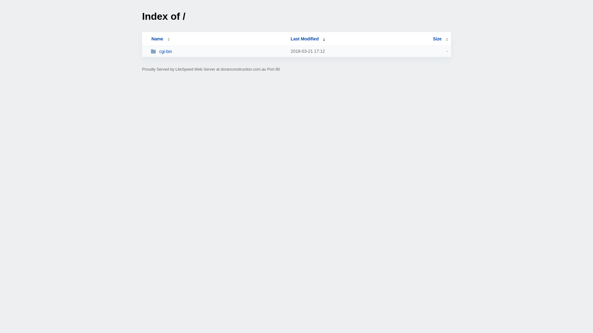 The width and height of the screenshot is (593, 333). I want to click on 'Last Modified', so click(308, 39).